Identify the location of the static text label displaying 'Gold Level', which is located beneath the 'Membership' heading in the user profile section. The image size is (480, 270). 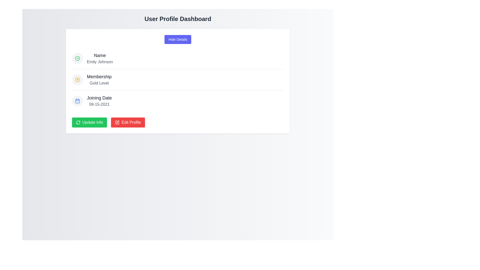
(99, 83).